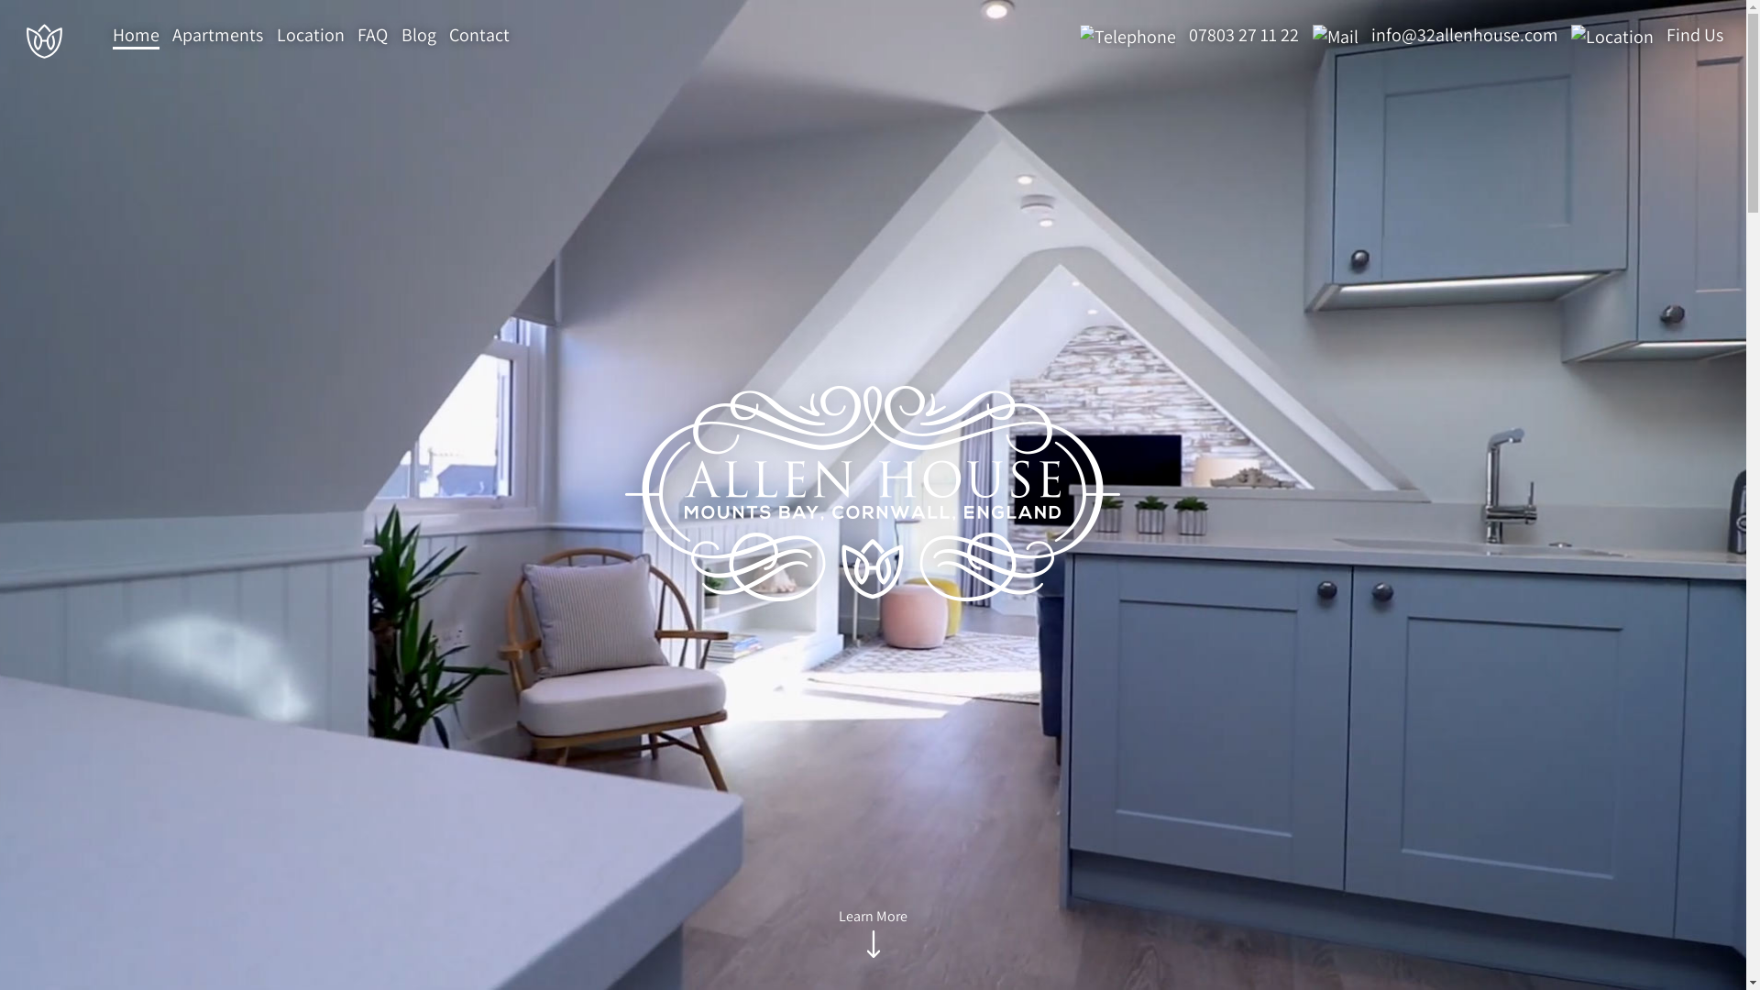  What do you see at coordinates (838, 934) in the screenshot?
I see `'Learn More'` at bounding box center [838, 934].